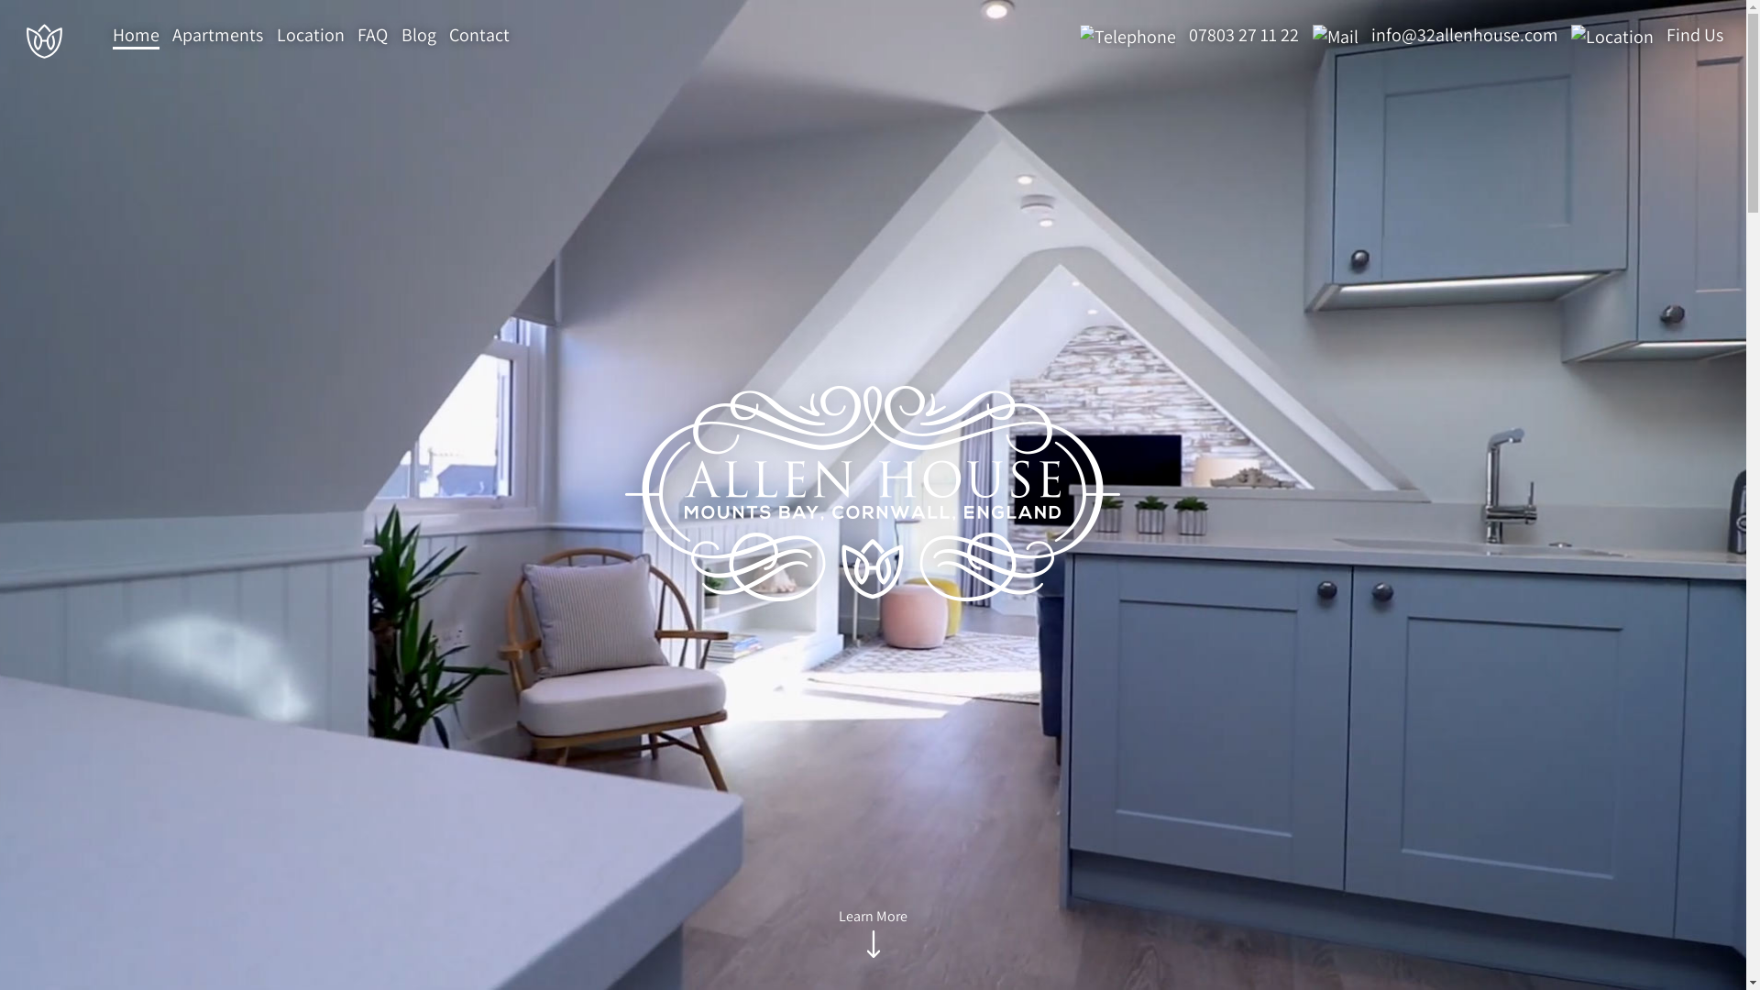  What do you see at coordinates (838, 934) in the screenshot?
I see `'Learn More'` at bounding box center [838, 934].